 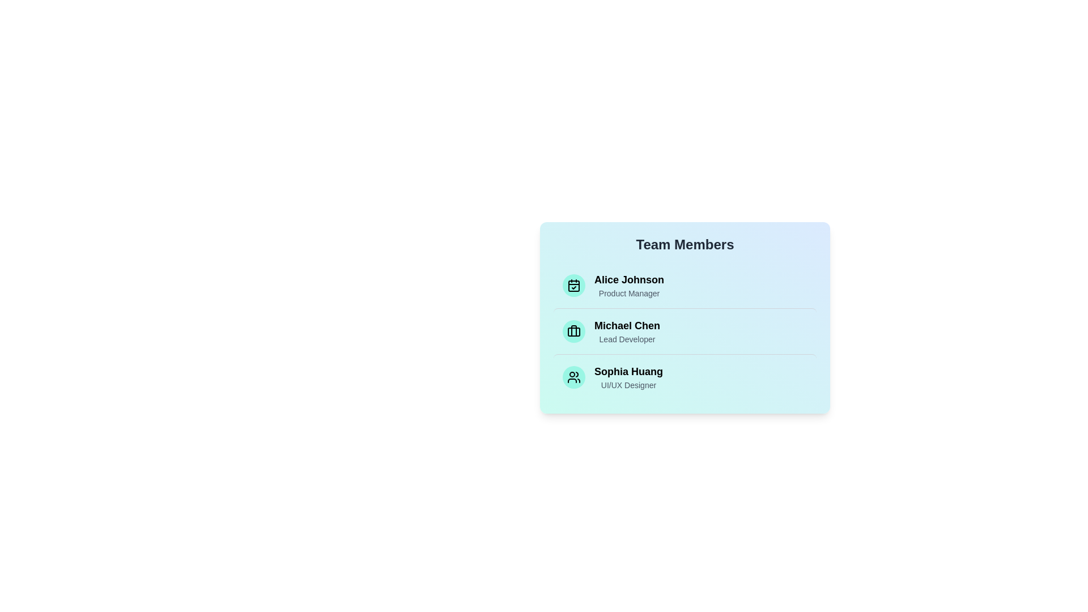 I want to click on the team member Sophia Huang to view their details, so click(x=685, y=377).